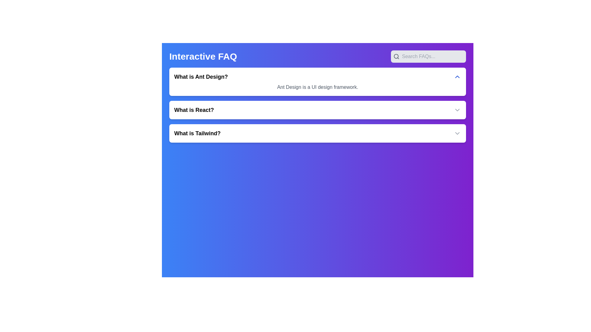 The image size is (591, 332). Describe the element at coordinates (457, 110) in the screenshot. I see `the downward-facing chevron icon on the far-right of the 'What is React?' section` at that location.